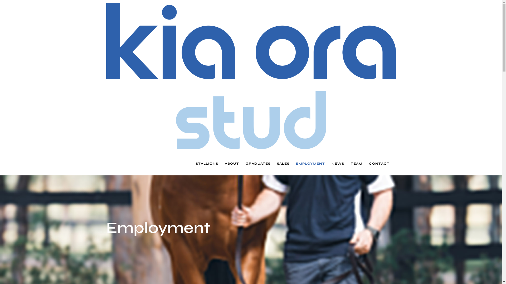  Describe the element at coordinates (258, 163) in the screenshot. I see `'GRADUATES'` at that location.